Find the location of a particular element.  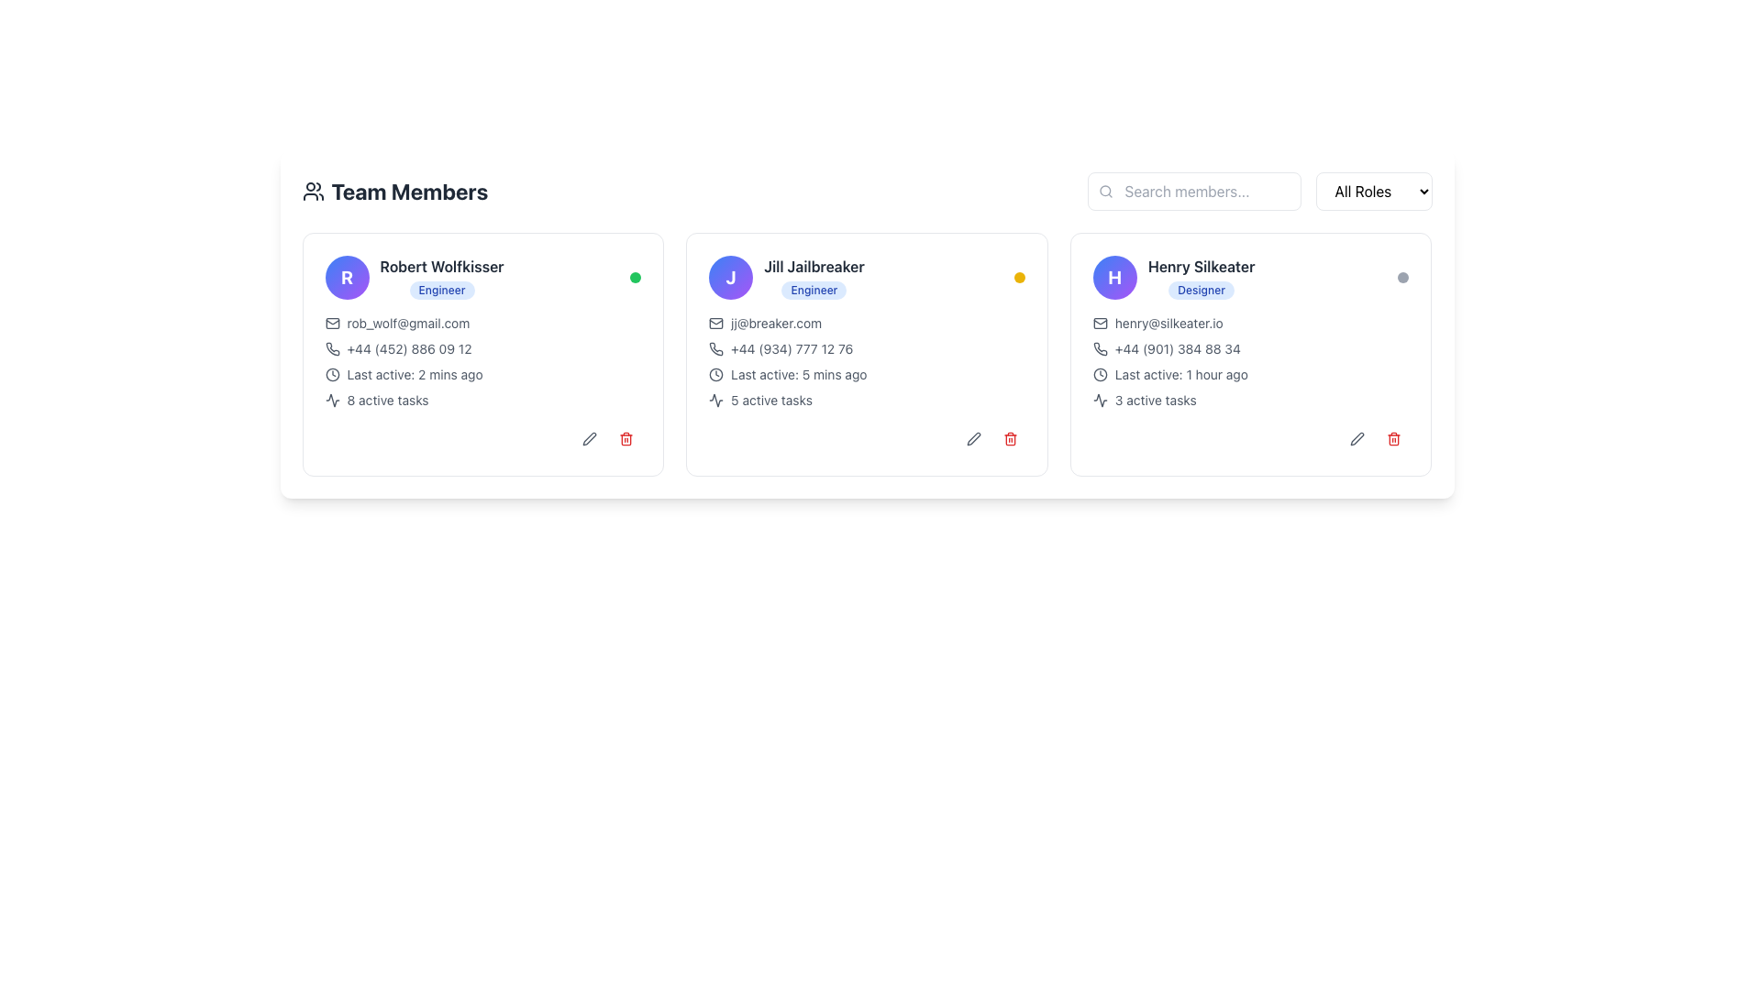

the hyperlink displaying the email address 'rob_wolf@gmail.com' to trigger the color change effect to blue is located at coordinates (407, 323).